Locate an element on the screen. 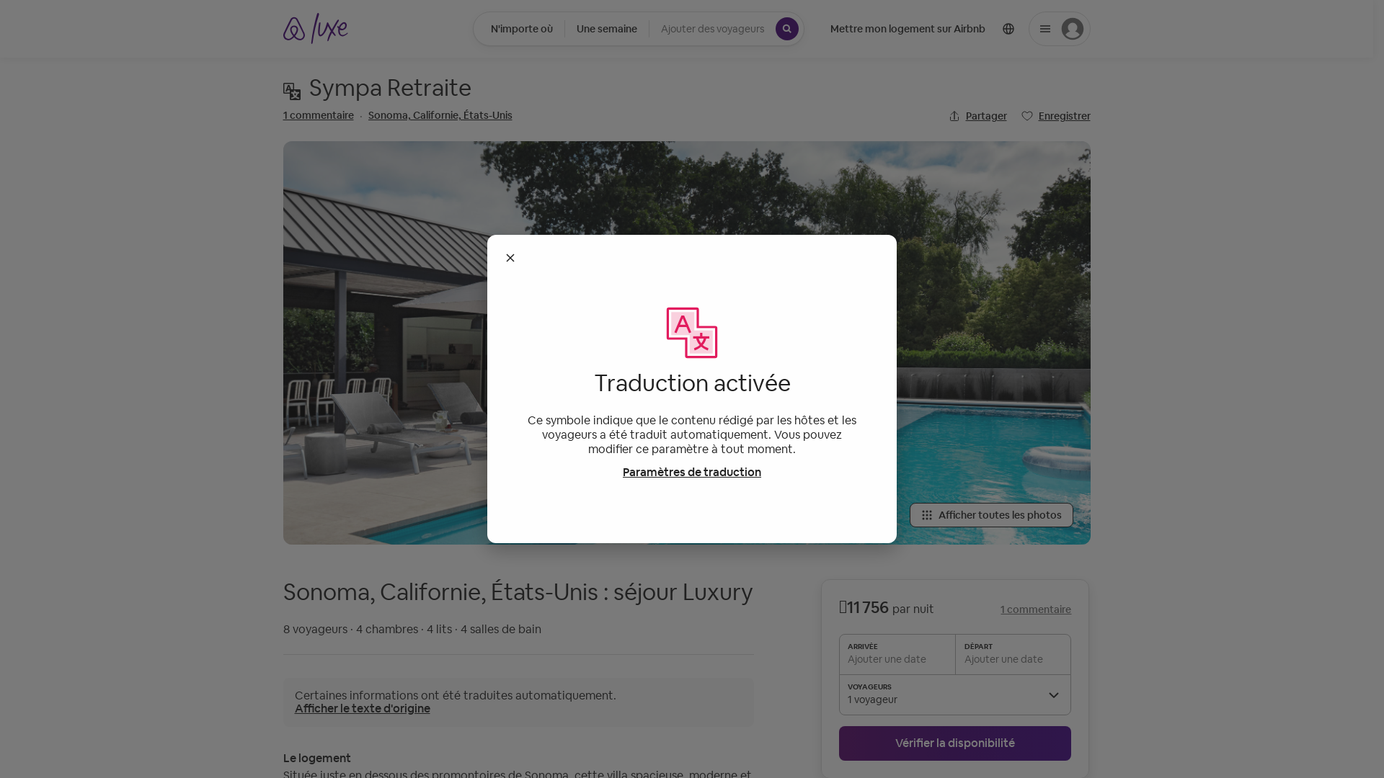 This screenshot has height=778, width=1384. 'Partager' is located at coordinates (977, 115).